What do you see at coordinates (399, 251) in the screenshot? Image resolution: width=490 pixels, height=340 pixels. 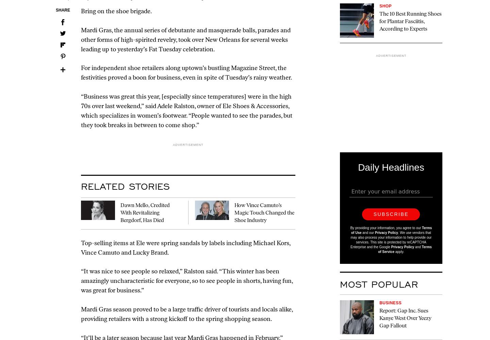 I see `'apply.'` at bounding box center [399, 251].